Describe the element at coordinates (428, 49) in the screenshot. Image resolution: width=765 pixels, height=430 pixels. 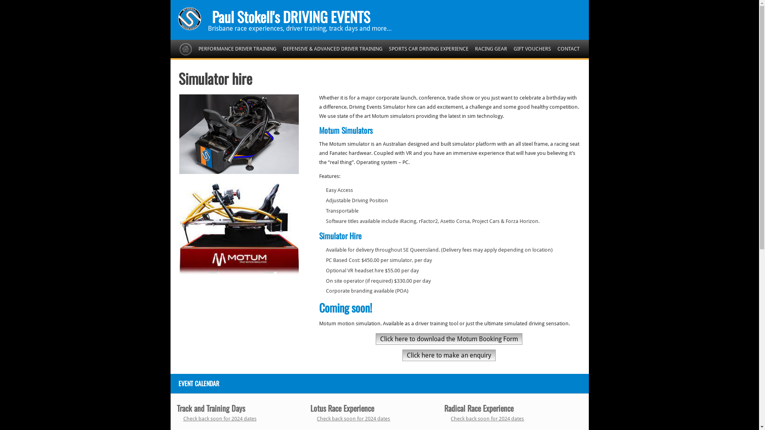
I see `'SPORTS CAR DRIVING EXPERIENCE'` at that location.